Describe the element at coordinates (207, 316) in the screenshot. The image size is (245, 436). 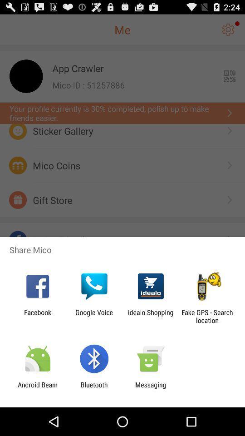
I see `app next to idealo shopping item` at that location.